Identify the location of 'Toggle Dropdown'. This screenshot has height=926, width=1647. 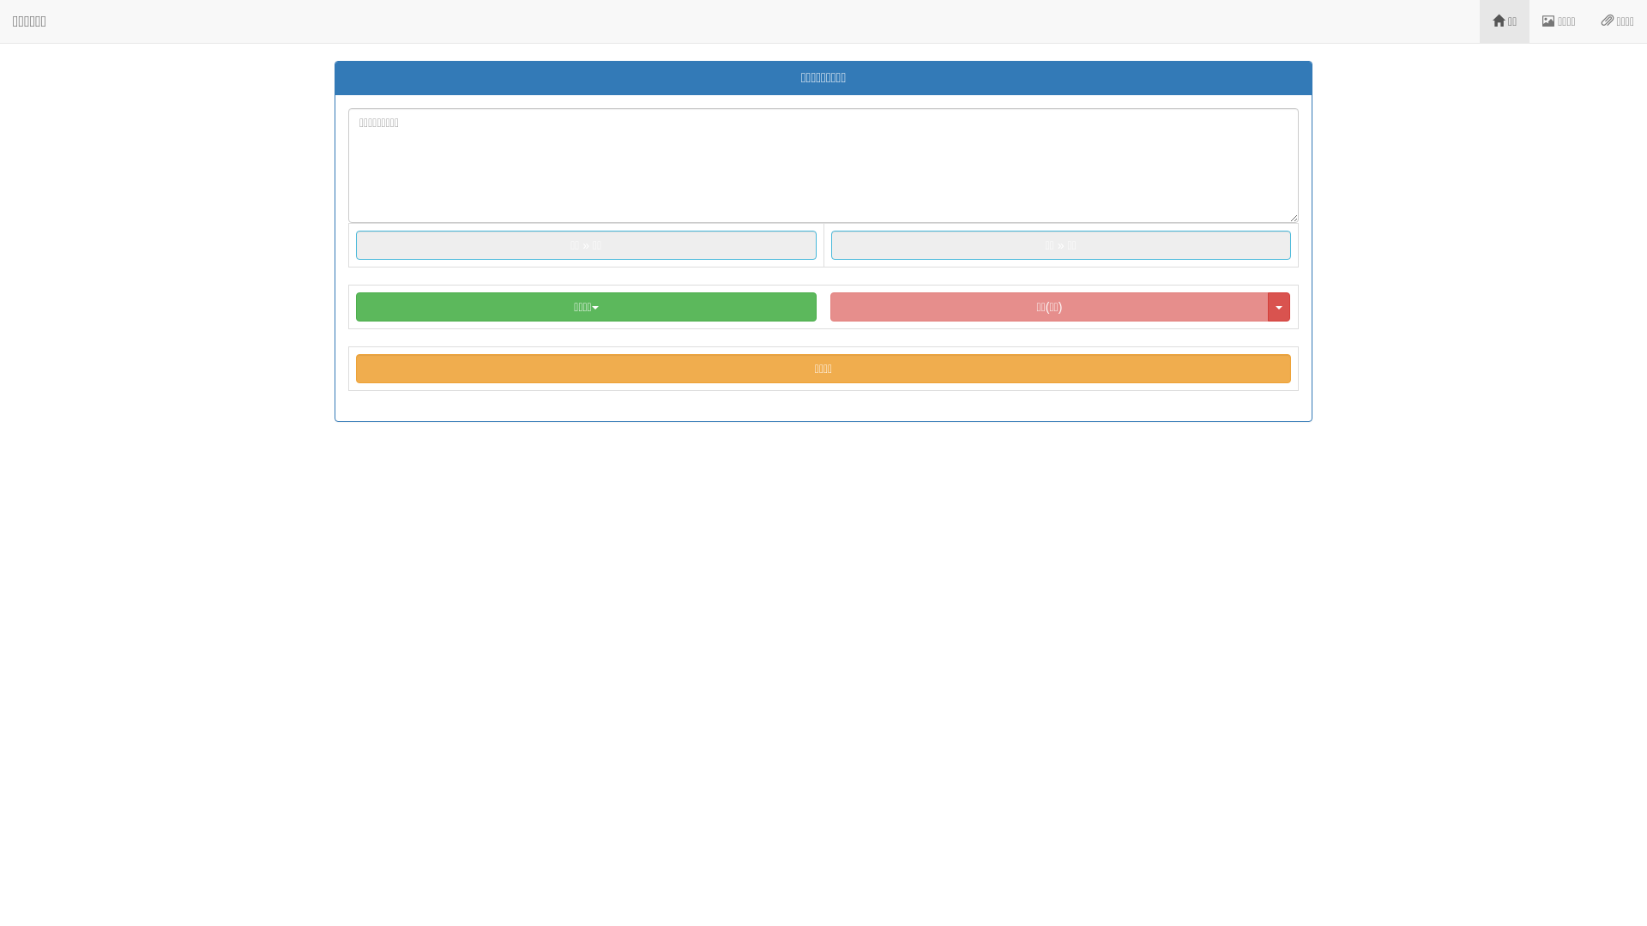
(1279, 306).